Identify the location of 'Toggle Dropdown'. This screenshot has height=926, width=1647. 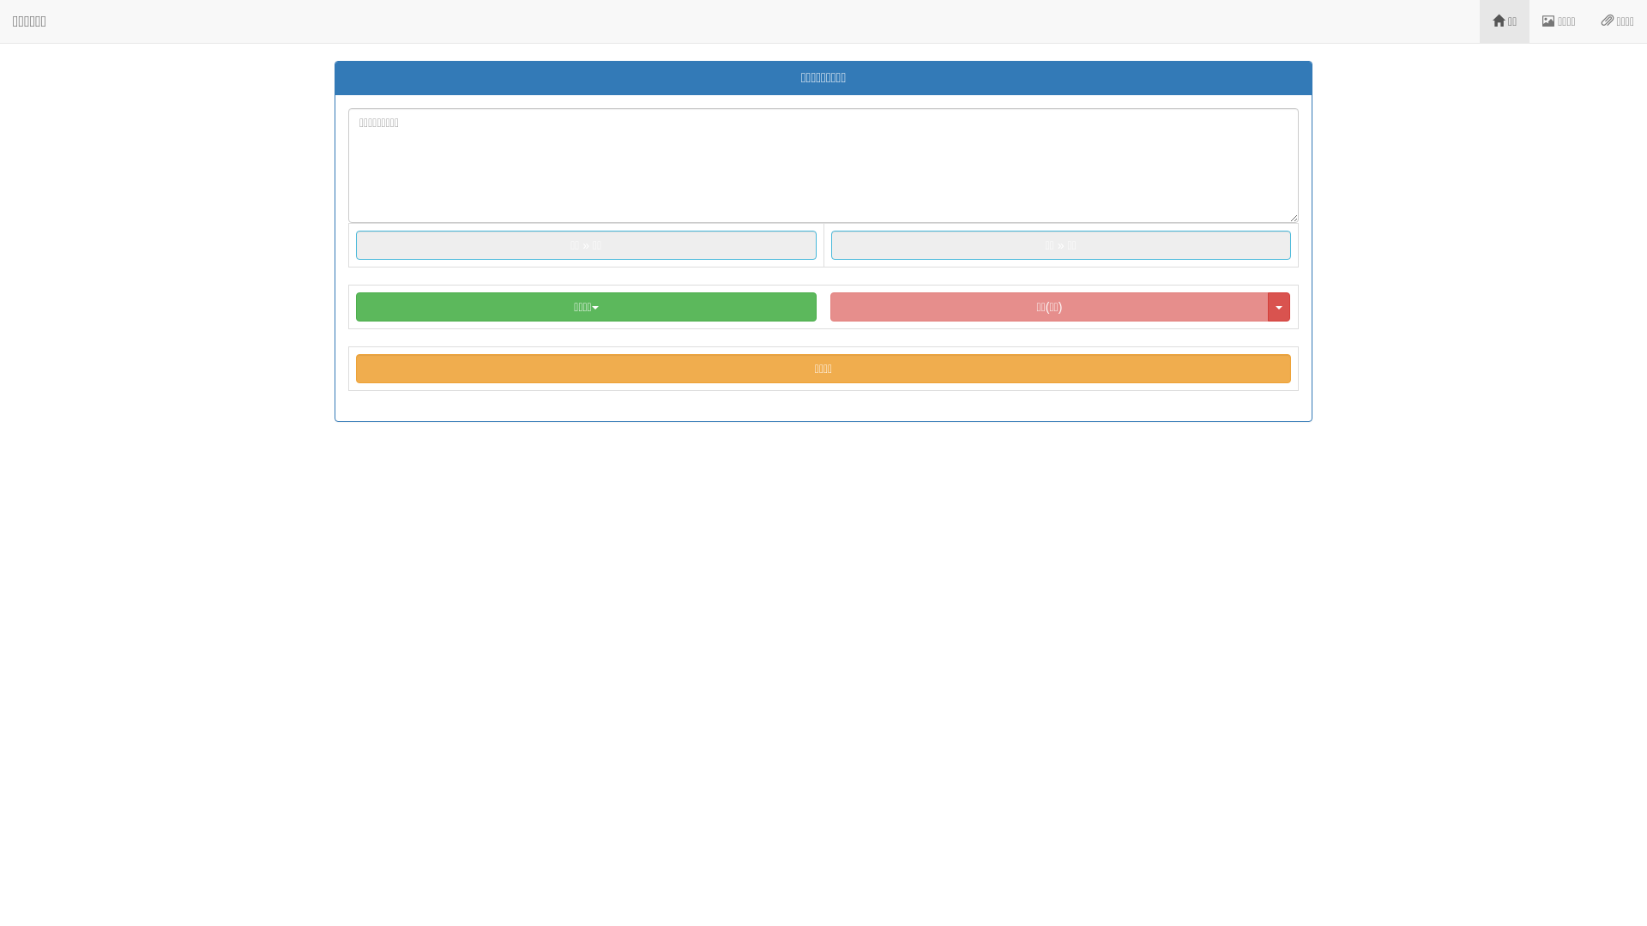
(1279, 306).